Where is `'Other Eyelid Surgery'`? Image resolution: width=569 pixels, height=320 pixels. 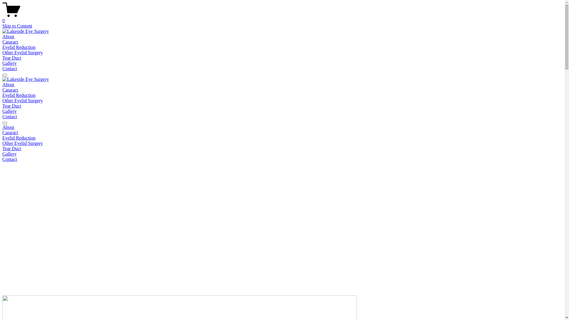
'Other Eyelid Surgery' is located at coordinates (2, 143).